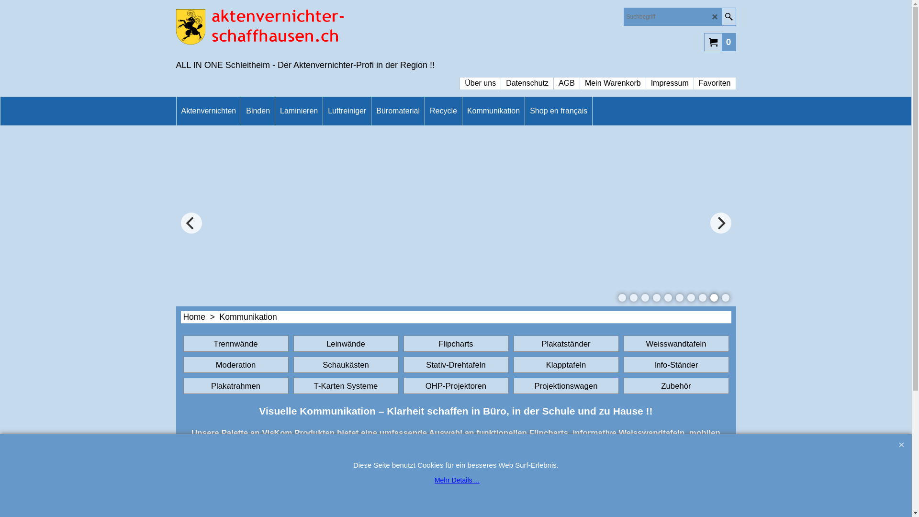 The image size is (919, 517). Describe the element at coordinates (567, 78) in the screenshot. I see `'AGB'` at that location.